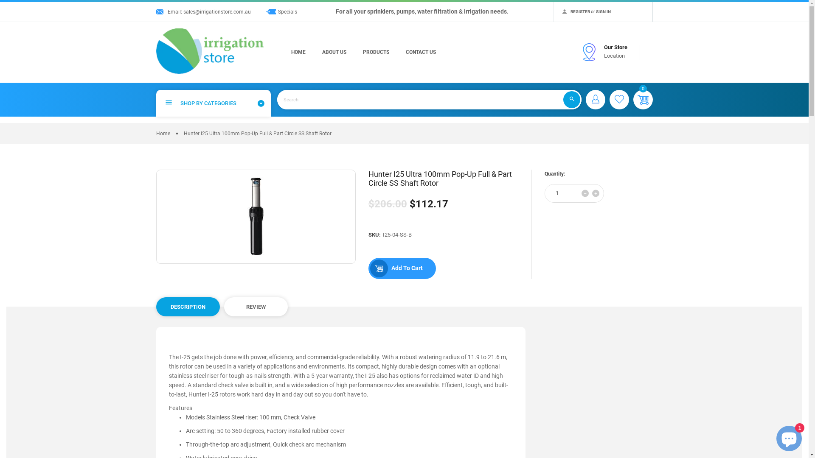 This screenshot has height=458, width=815. I want to click on 'Shopify online store chat', so click(788, 436).